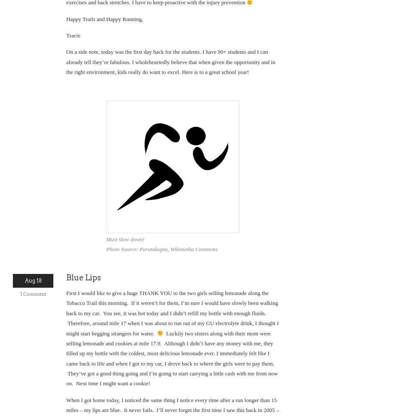 The image size is (413, 418). Describe the element at coordinates (172, 312) in the screenshot. I see `'First I would like to give a huge THANK YOU to the two girls selling lemonade along the Tobacco Trail this morning.  If it weren’t for them, I’m sure I would have slowly been walking back to my car.  You see, it was hot today and I didn’t refill my bottle with enough fluids.  Therefore, around mile 17 when I was about to run out of my GU electrolyte drink, I thought I might start begging strangers for water.'` at that location.